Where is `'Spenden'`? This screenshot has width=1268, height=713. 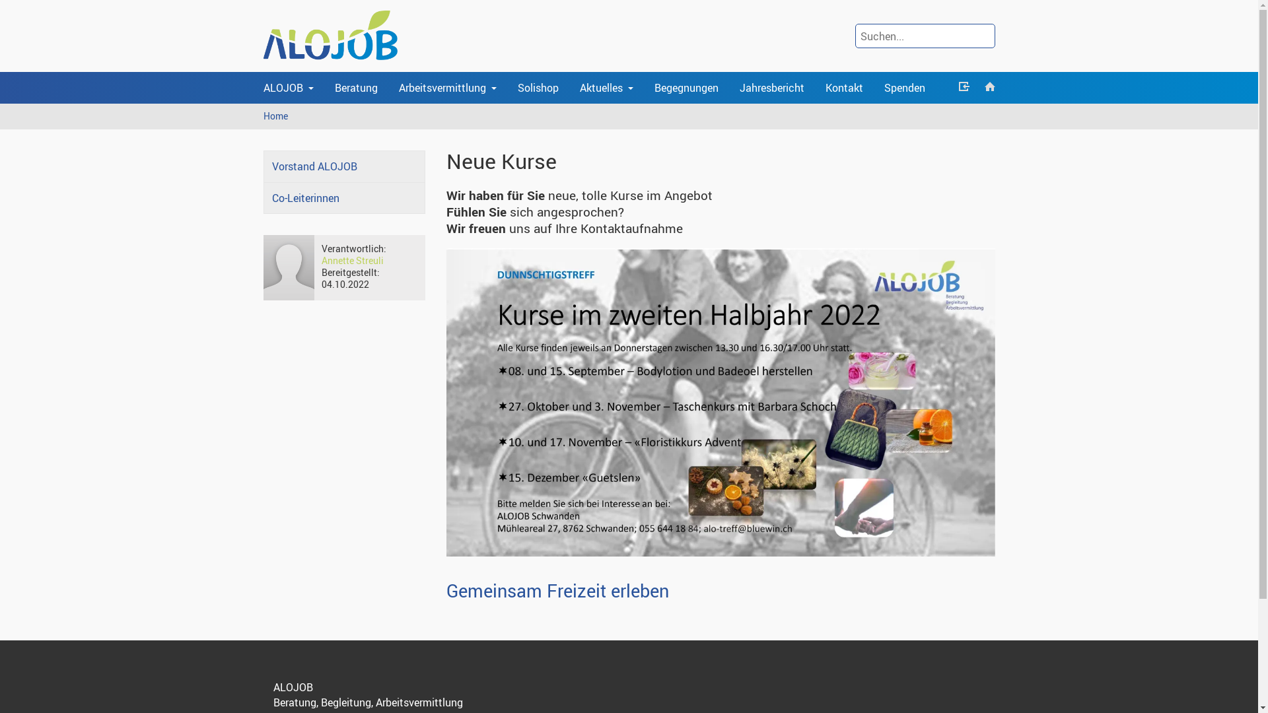
'Spenden' is located at coordinates (903, 87).